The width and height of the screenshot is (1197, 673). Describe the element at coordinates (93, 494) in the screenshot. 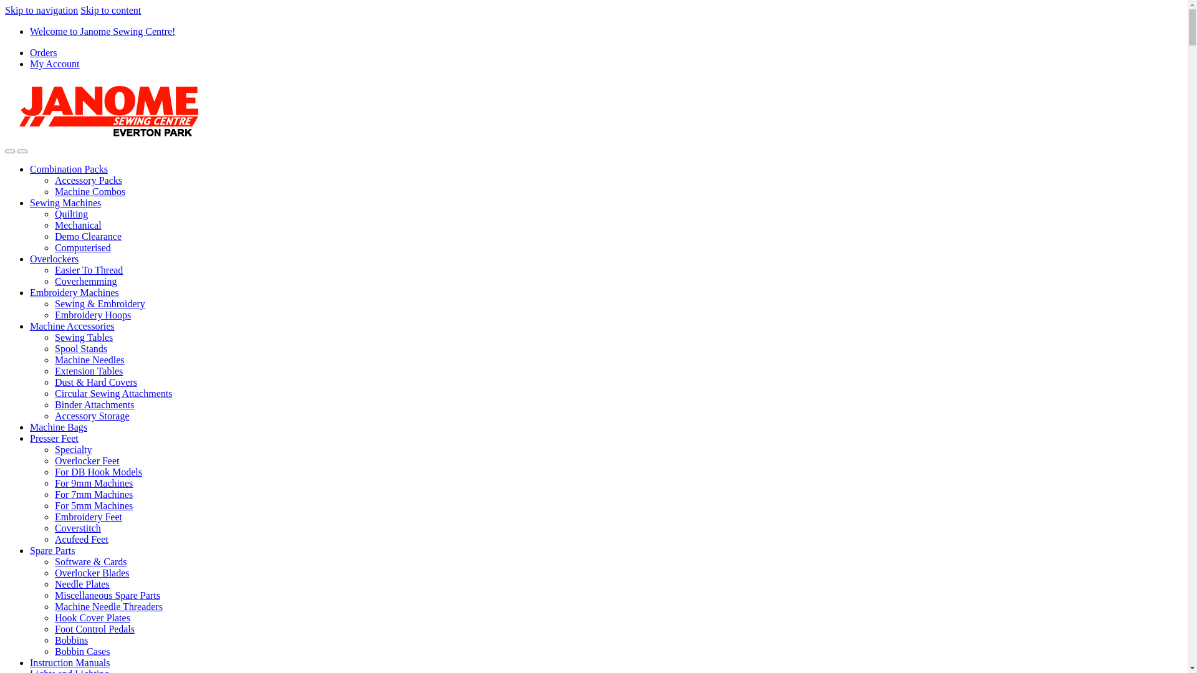

I see `'For 7mm Machines'` at that location.